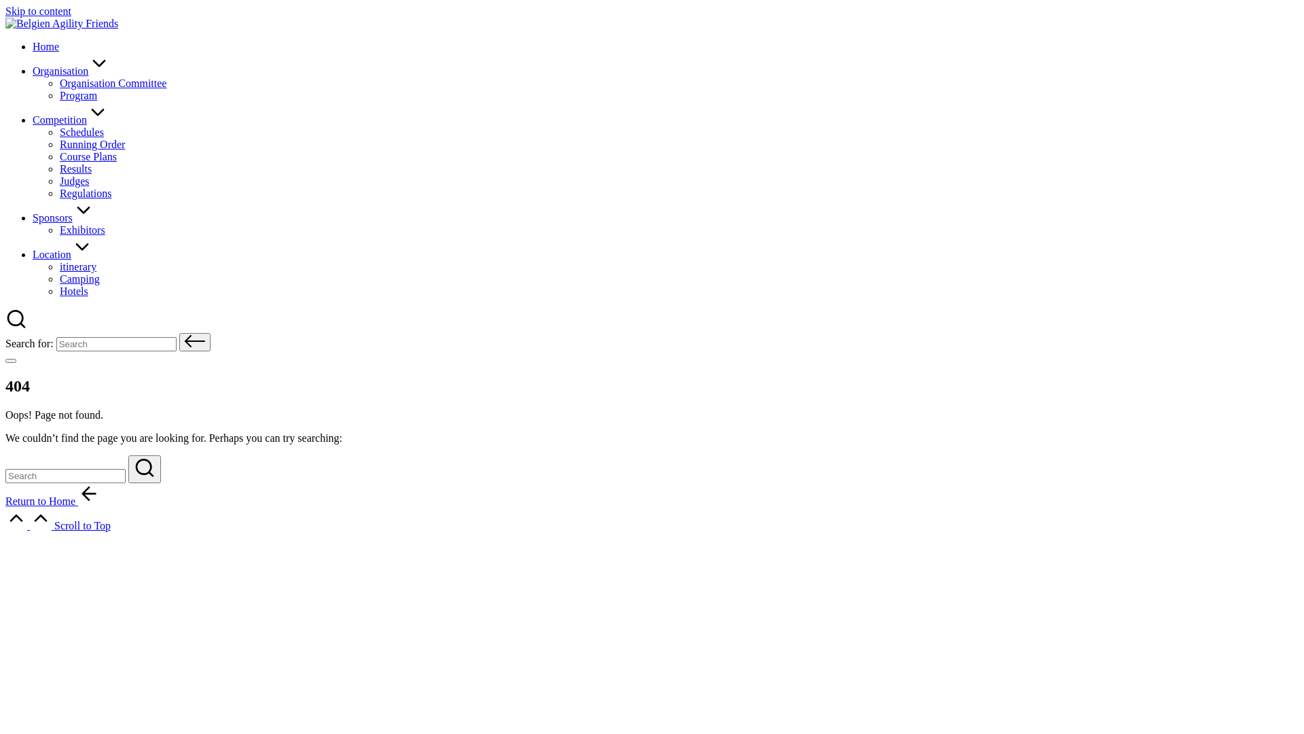 This screenshot has height=734, width=1304. What do you see at coordinates (77, 266) in the screenshot?
I see `'itinerary'` at bounding box center [77, 266].